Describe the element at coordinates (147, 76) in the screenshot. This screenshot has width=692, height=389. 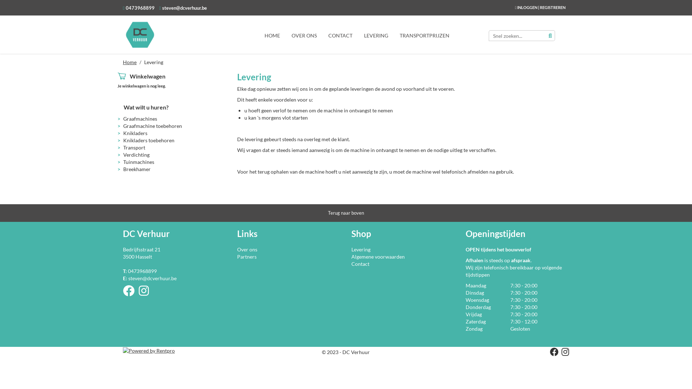
I see `'Winkelwagen'` at that location.